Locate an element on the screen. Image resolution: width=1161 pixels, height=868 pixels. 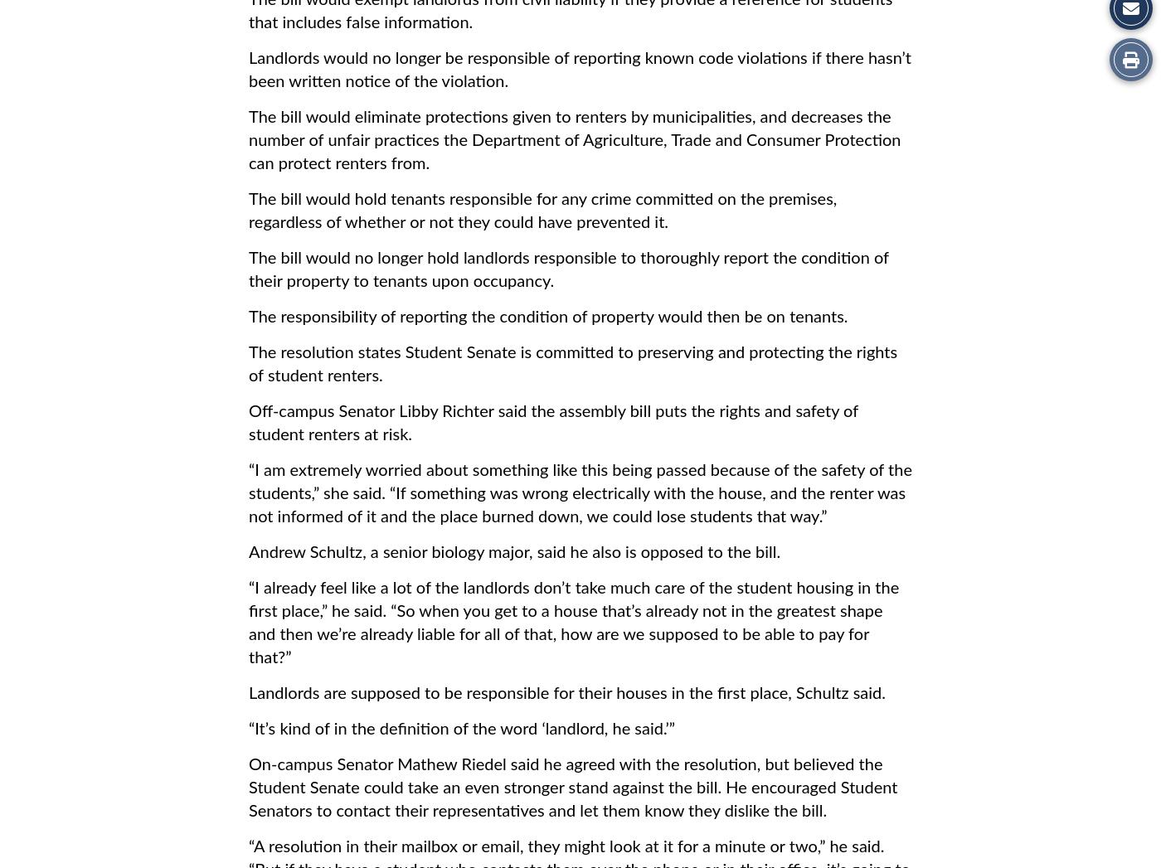
'Landlords are supposed to be responsible for their houses in the first place, Schultz said.' is located at coordinates (249, 693).